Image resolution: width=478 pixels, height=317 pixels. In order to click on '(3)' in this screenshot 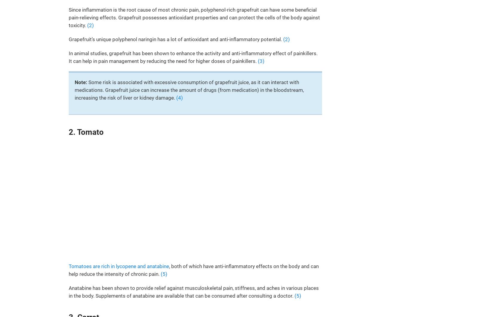, I will do `click(261, 61)`.